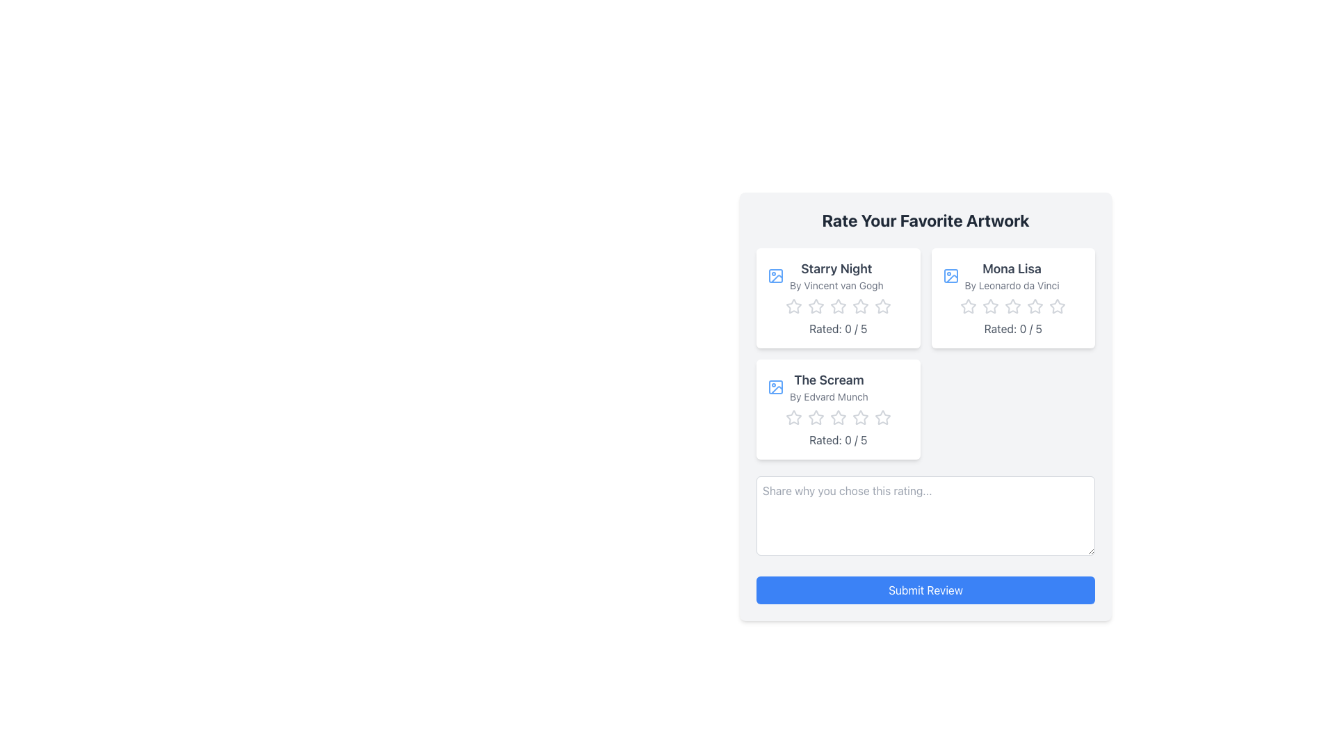  Describe the element at coordinates (816, 305) in the screenshot. I see `the first star button in the rating section of the 'Starry Night' artwork card to rate it` at that location.